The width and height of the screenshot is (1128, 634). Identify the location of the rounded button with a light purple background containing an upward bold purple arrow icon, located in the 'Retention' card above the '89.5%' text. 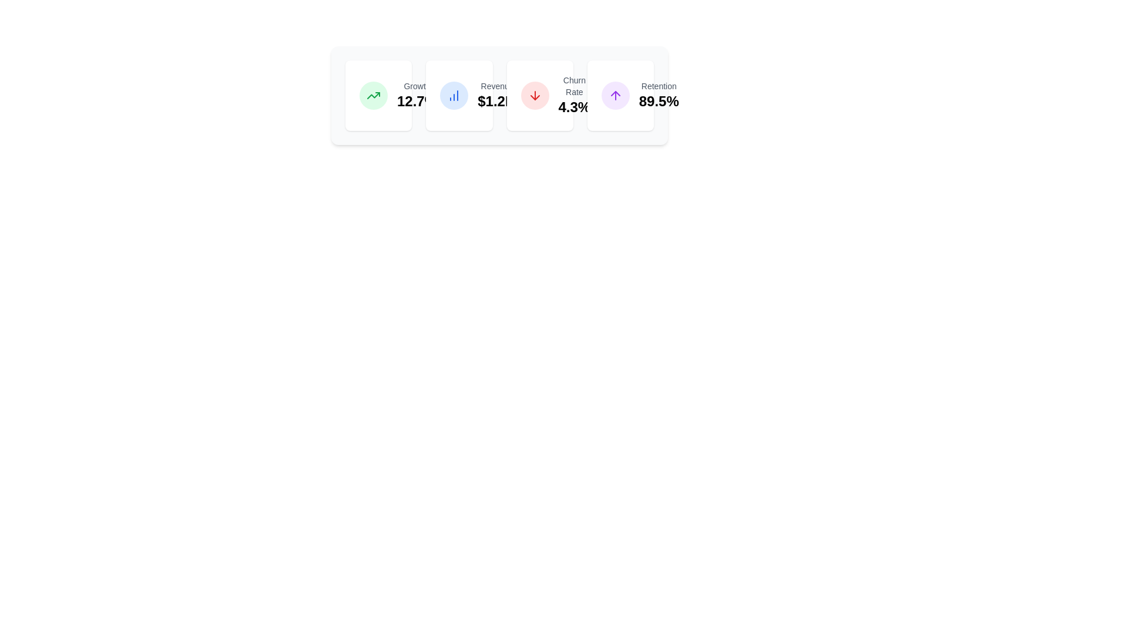
(615, 95).